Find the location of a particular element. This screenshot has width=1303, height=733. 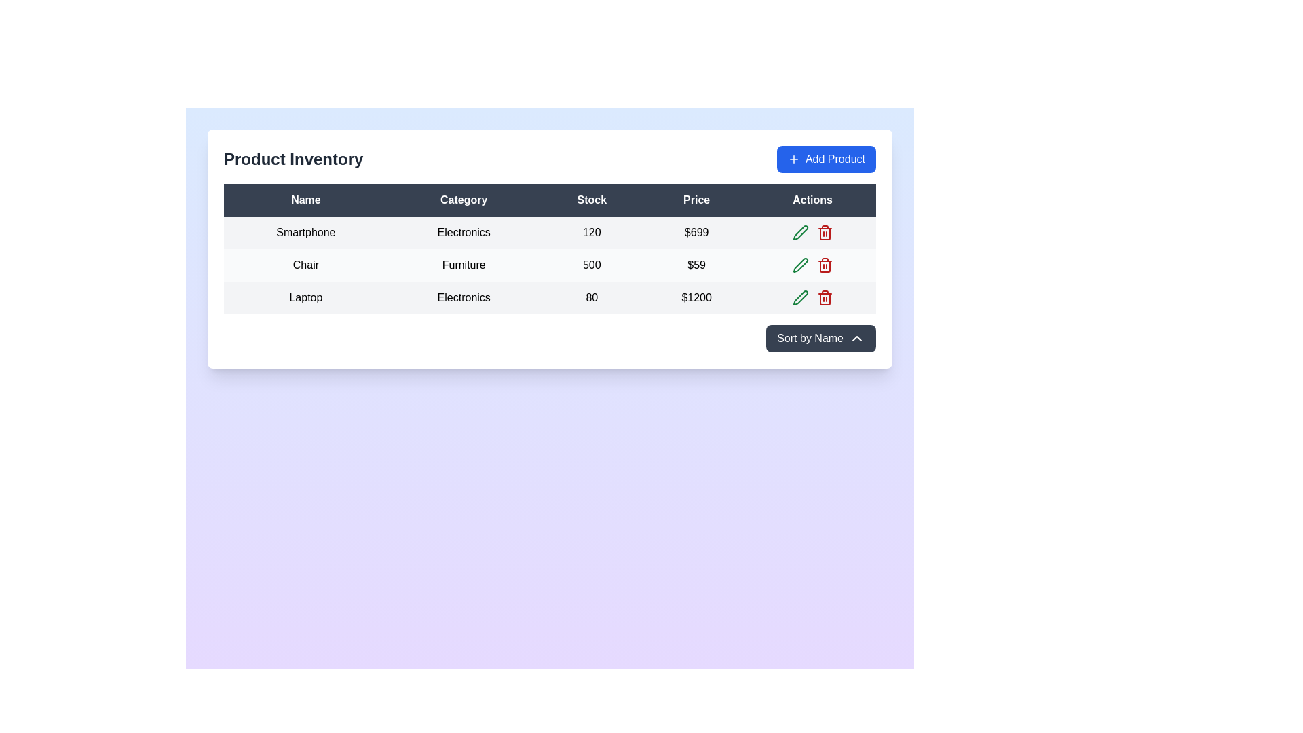

the second row of the inventory table that presents data including item name, category, stock quantity, and price for a detailed view is located at coordinates (550, 265).